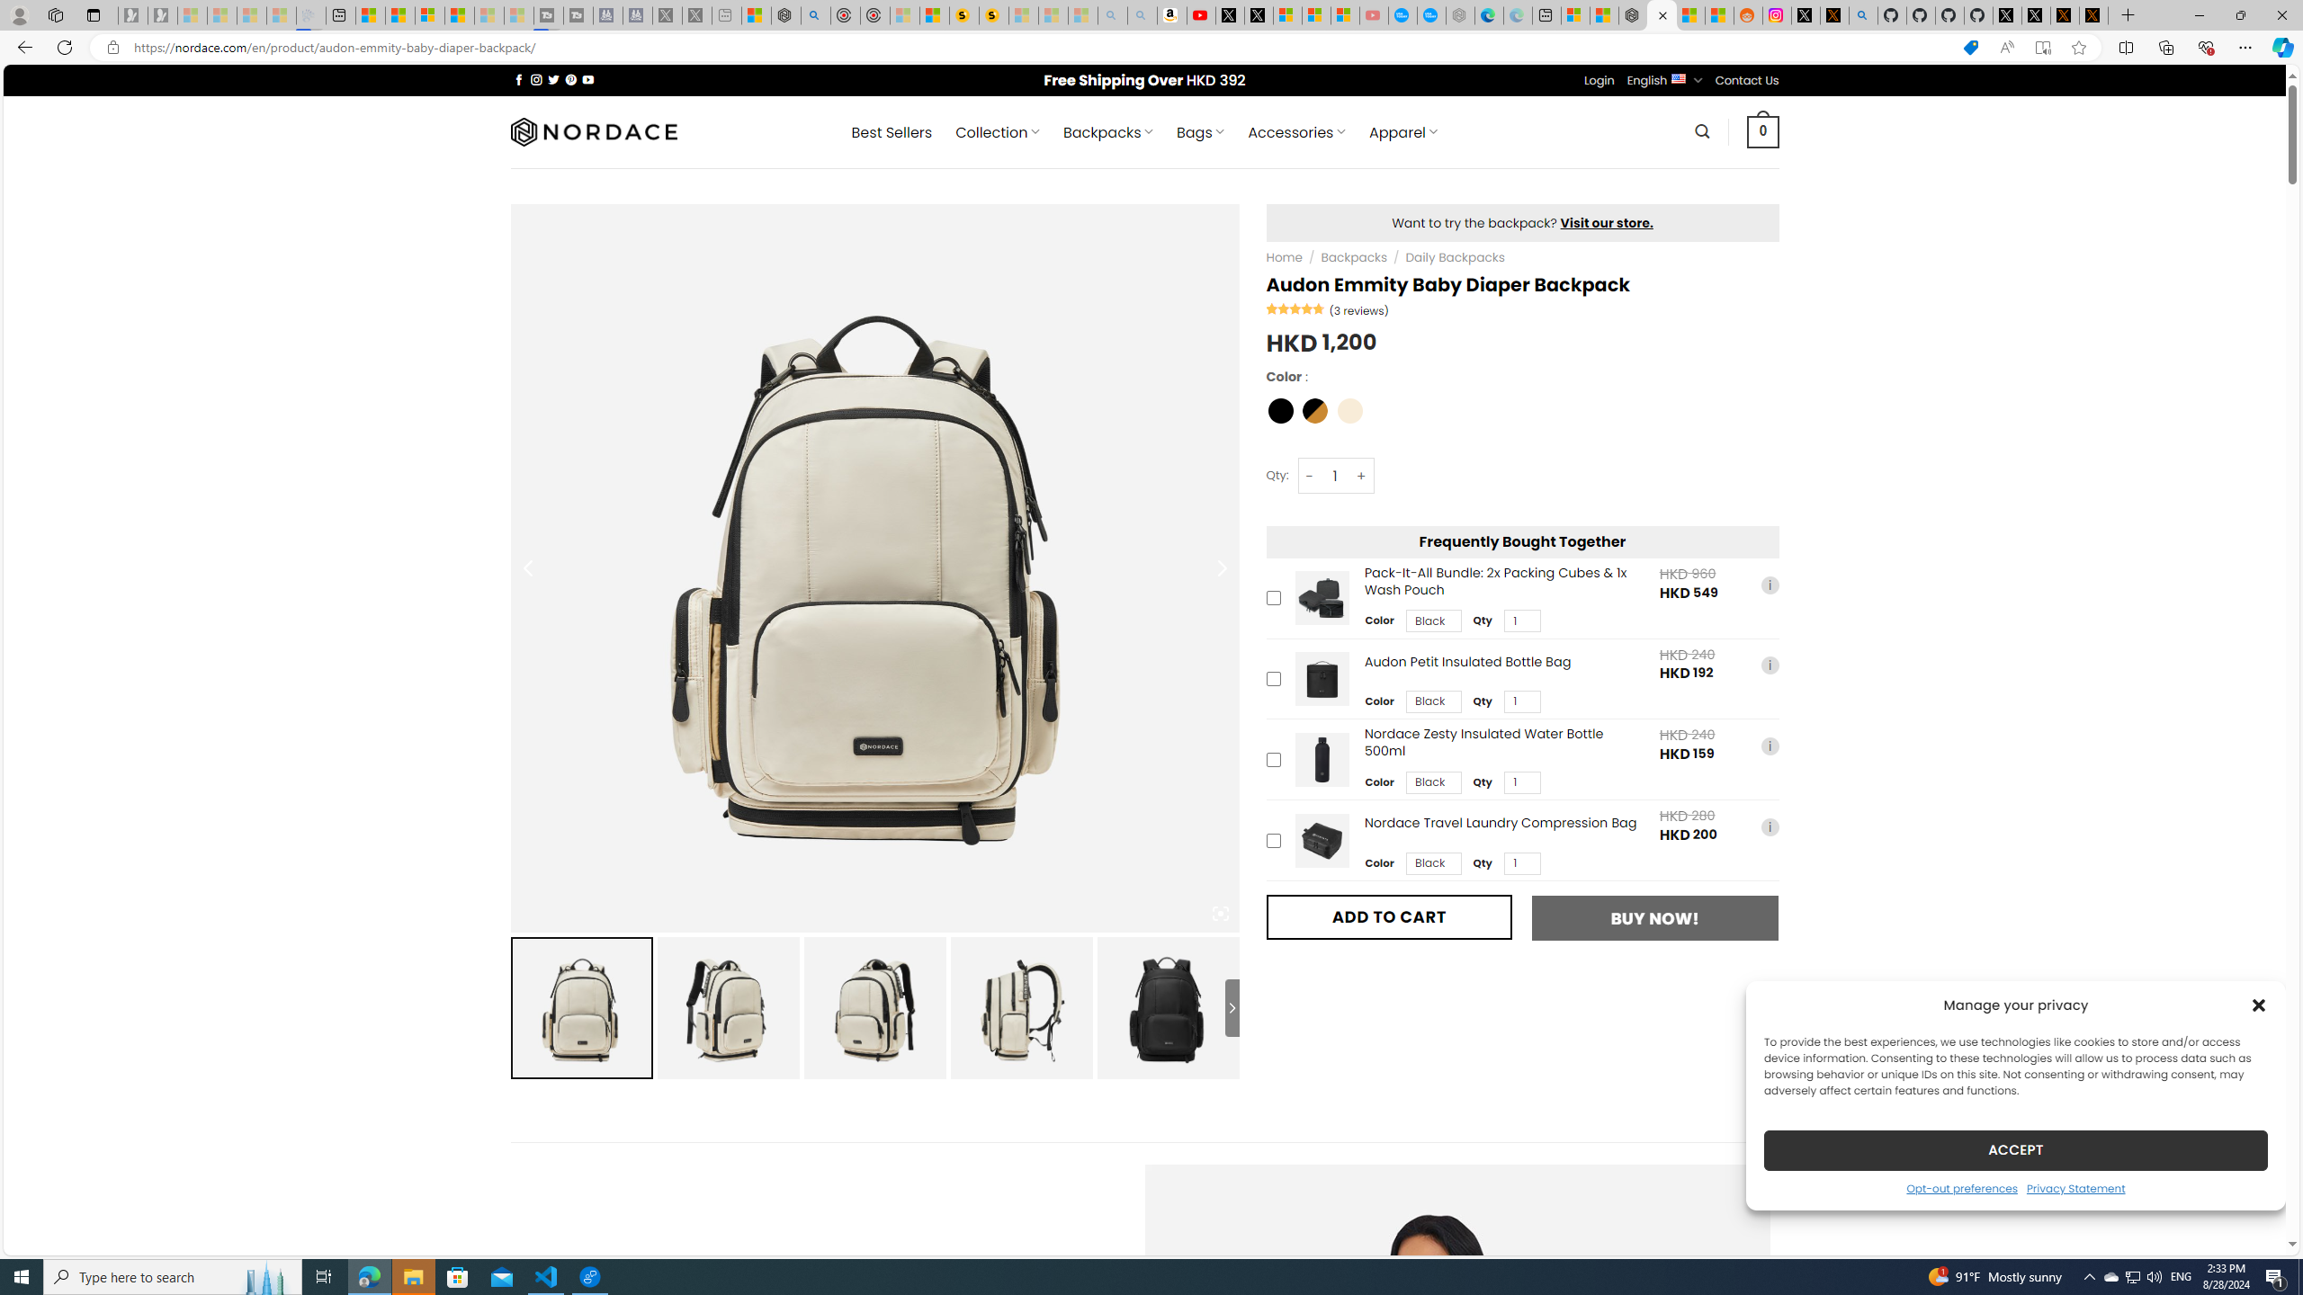 The width and height of the screenshot is (2303, 1295). I want to click on 'github - Search', so click(1863, 14).